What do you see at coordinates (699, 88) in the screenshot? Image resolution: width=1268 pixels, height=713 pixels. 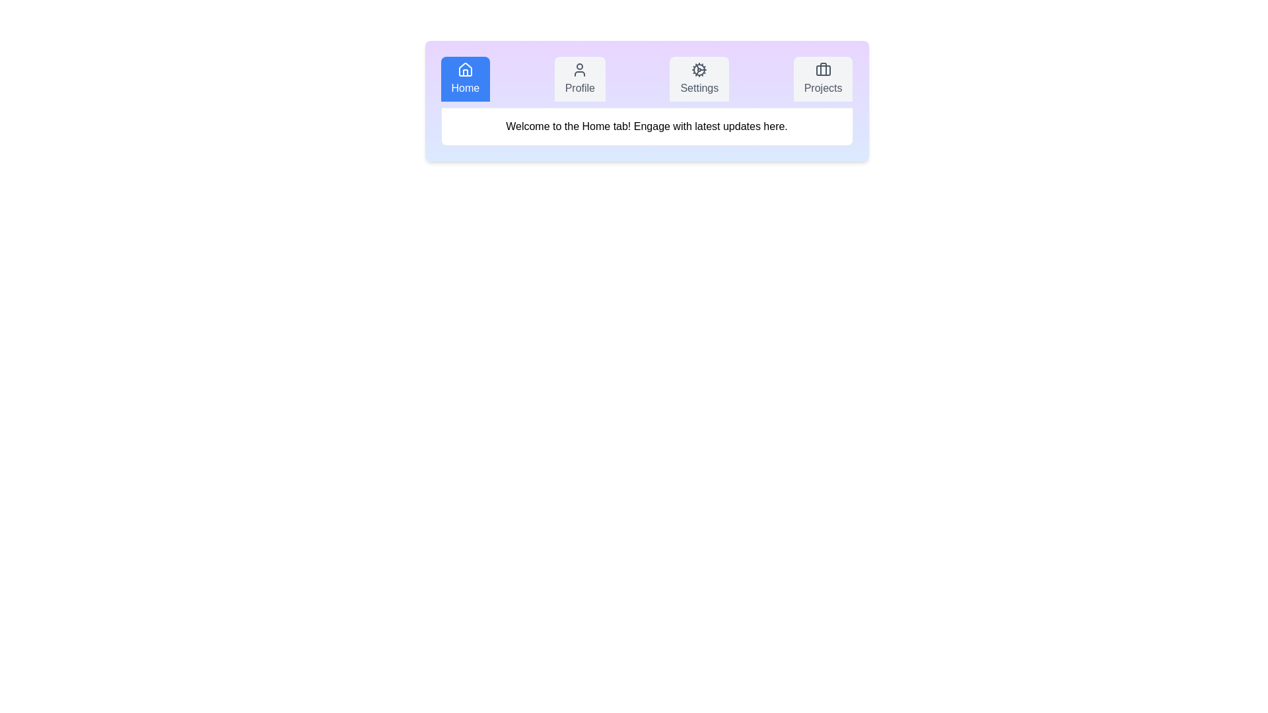 I see `the 'Settings' text label in the navigation bar` at bounding box center [699, 88].